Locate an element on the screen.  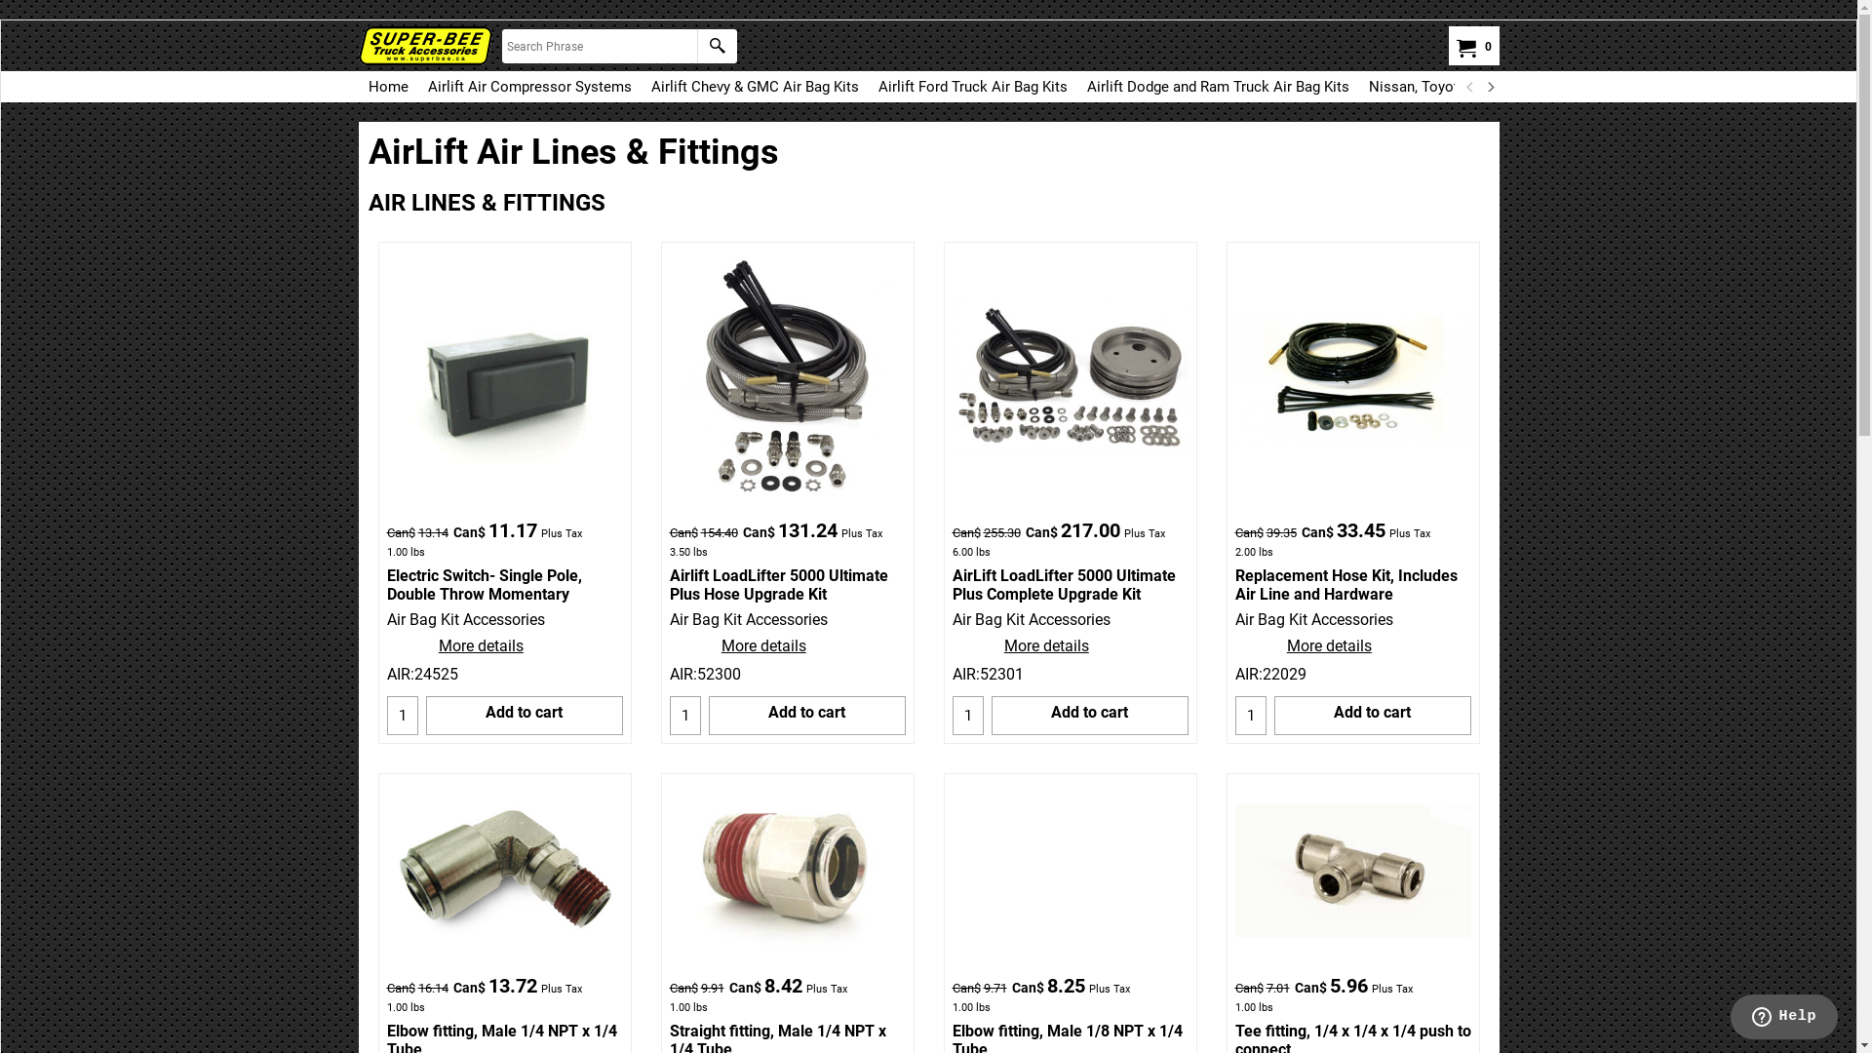
'Elbow- Male 1/4 NPT x 1/4 Tube' is located at coordinates (504, 870).